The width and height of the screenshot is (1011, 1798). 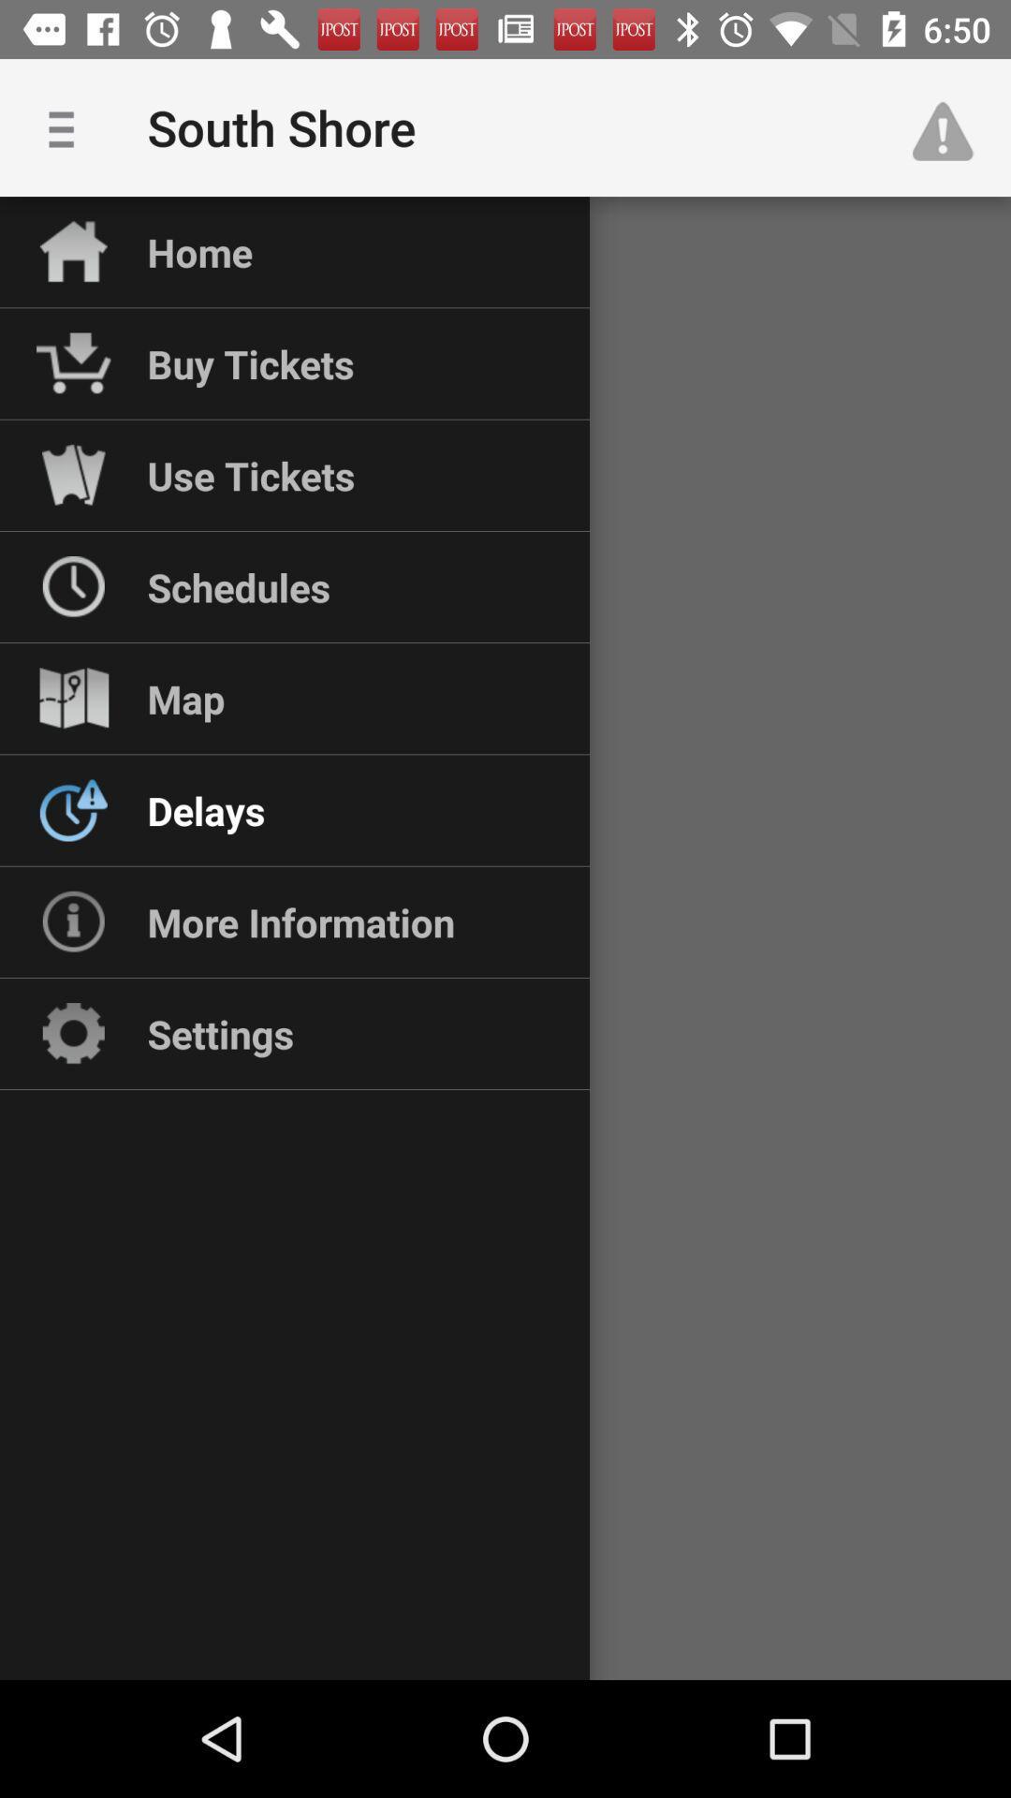 I want to click on settings, so click(x=219, y=1033).